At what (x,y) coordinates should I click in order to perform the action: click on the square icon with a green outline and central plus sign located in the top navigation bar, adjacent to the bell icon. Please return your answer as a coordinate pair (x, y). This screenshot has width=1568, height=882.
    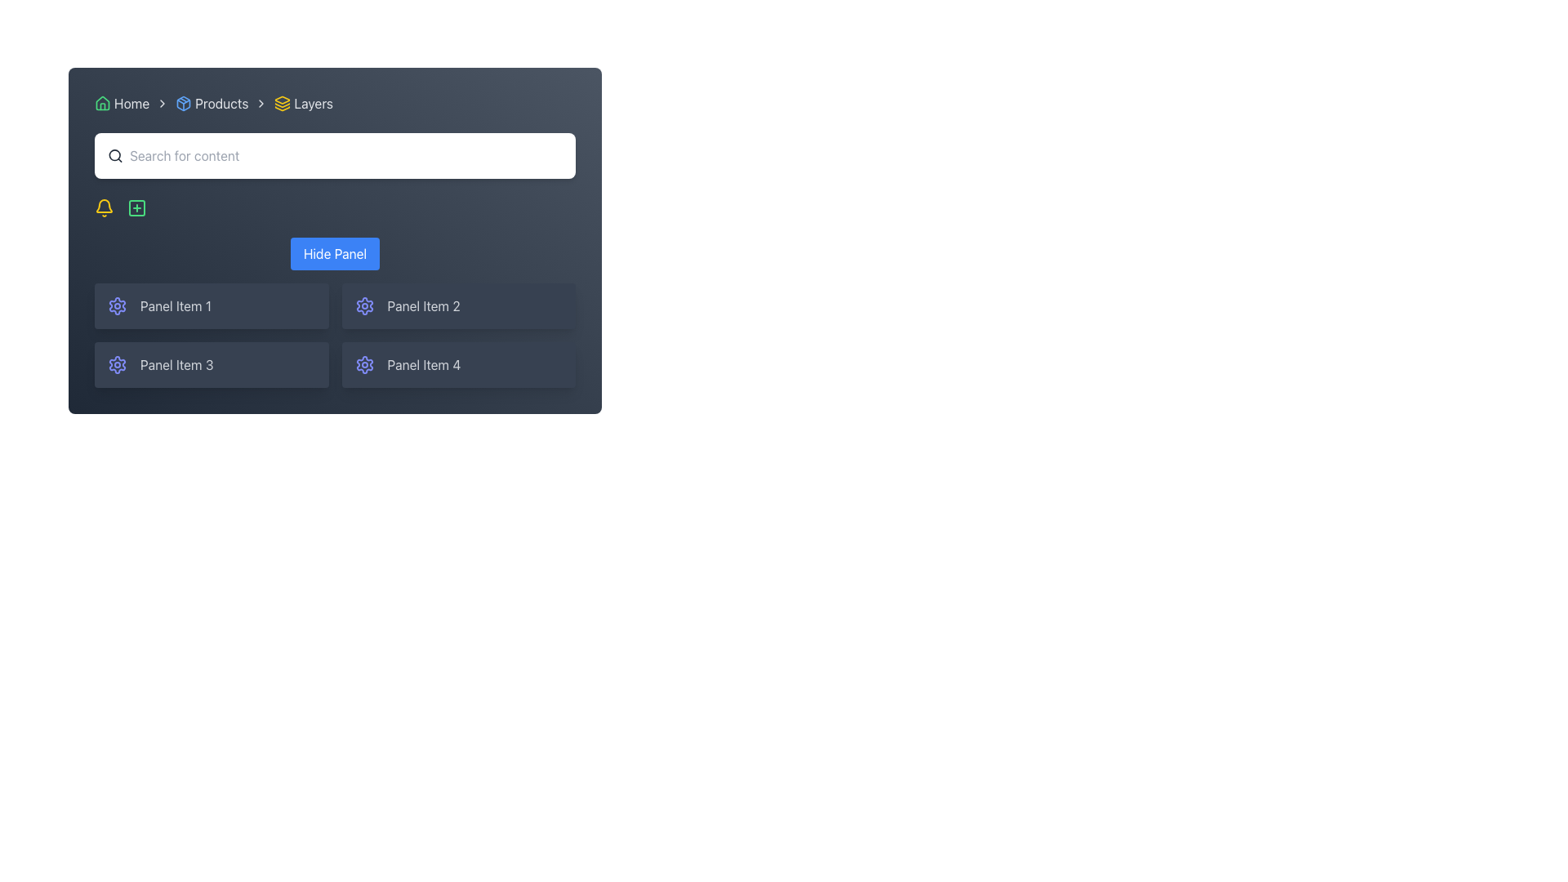
    Looking at the image, I should click on (137, 207).